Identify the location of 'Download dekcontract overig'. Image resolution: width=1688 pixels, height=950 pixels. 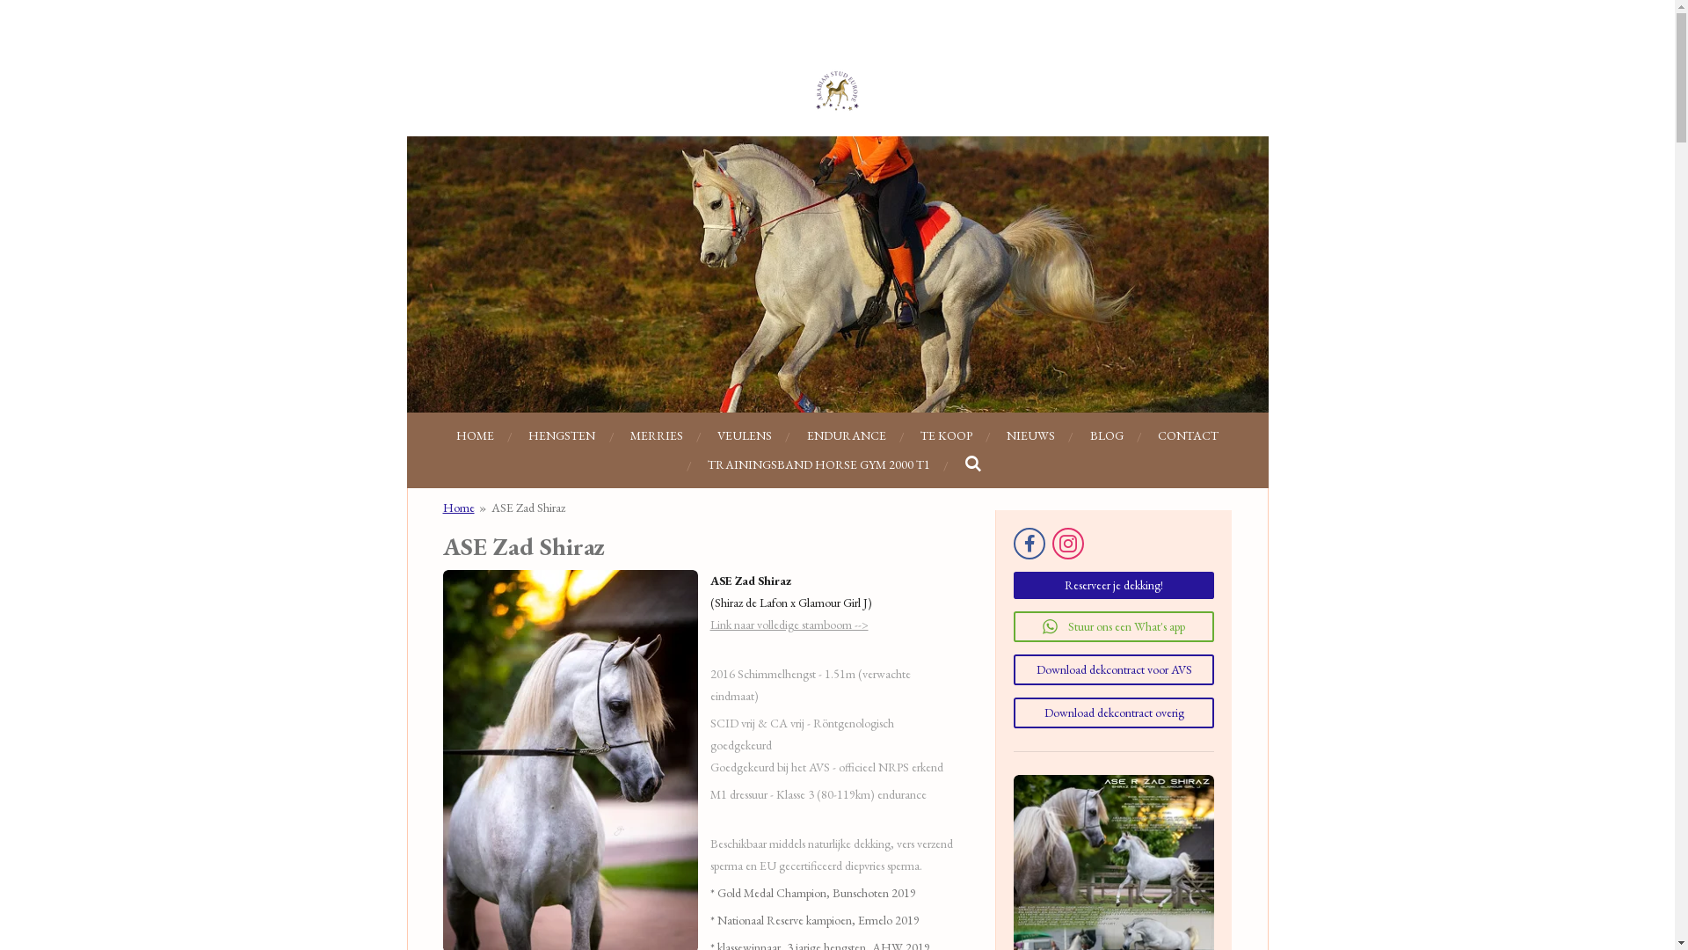
(1113, 712).